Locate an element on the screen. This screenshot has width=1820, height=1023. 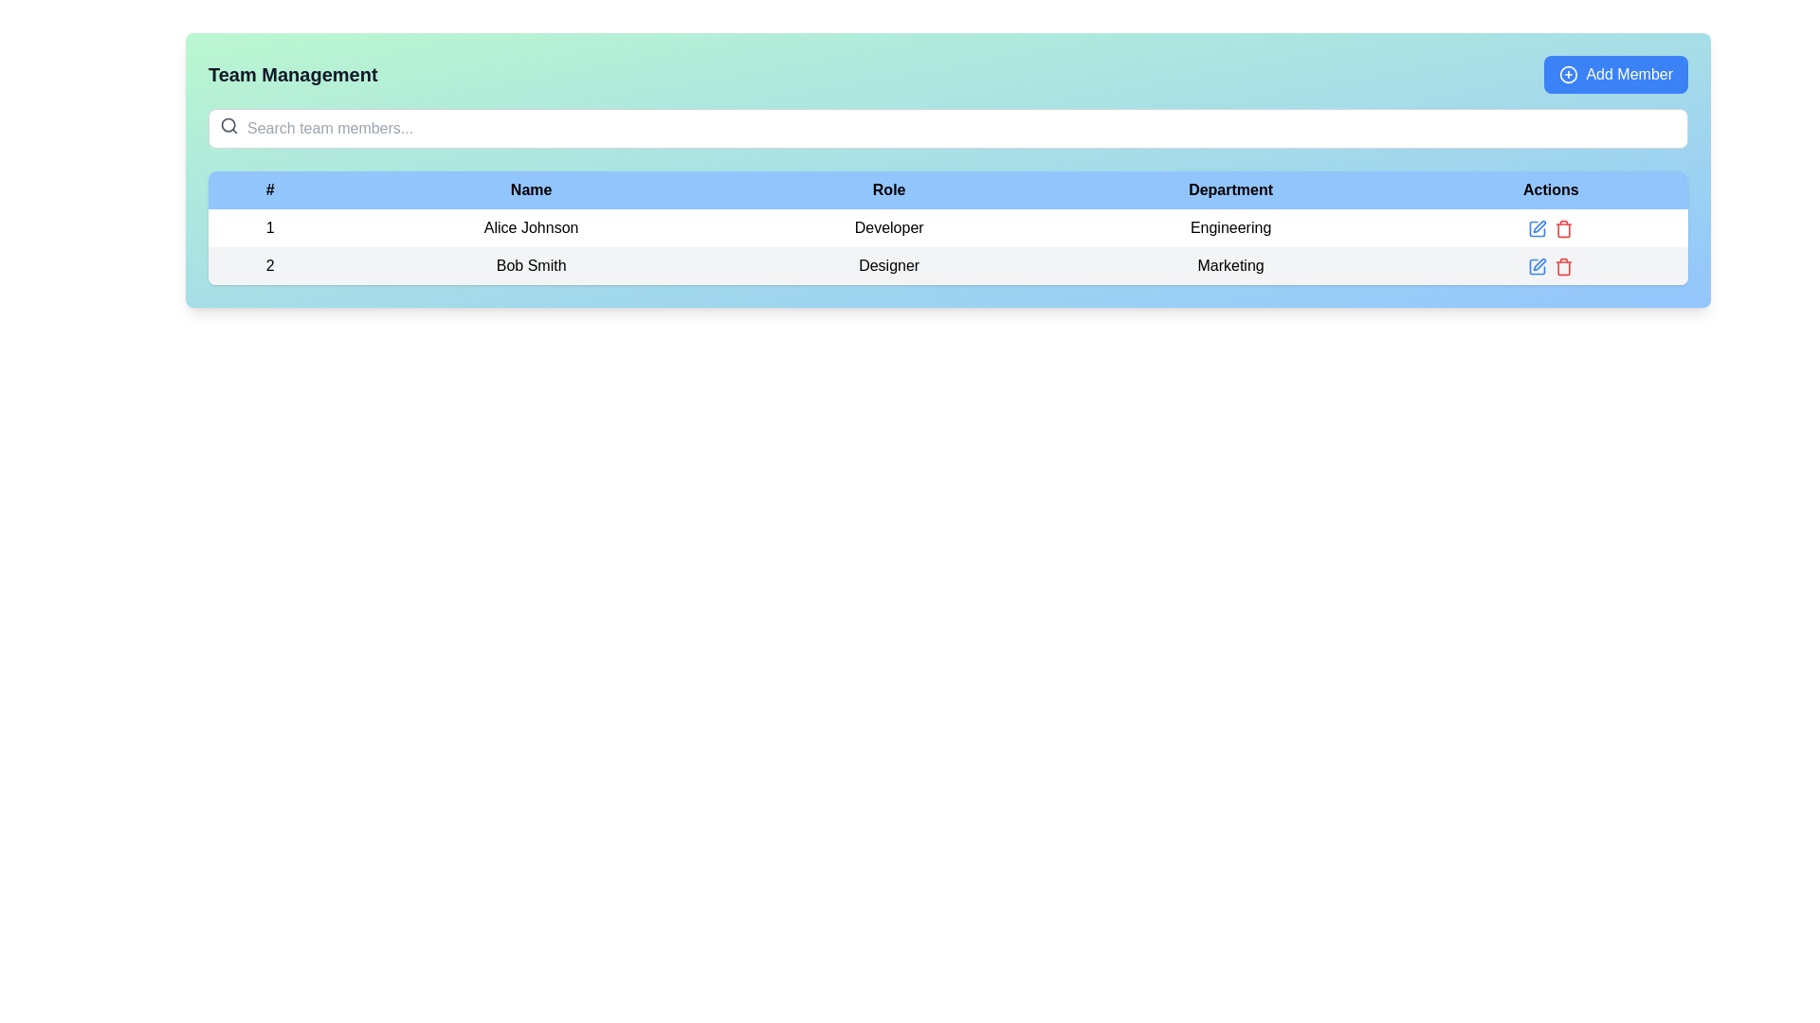
the circular icon featuring a plus symbol, which is part of the 'Add Member' button located in the top-right corner of the interface is located at coordinates (1569, 73).